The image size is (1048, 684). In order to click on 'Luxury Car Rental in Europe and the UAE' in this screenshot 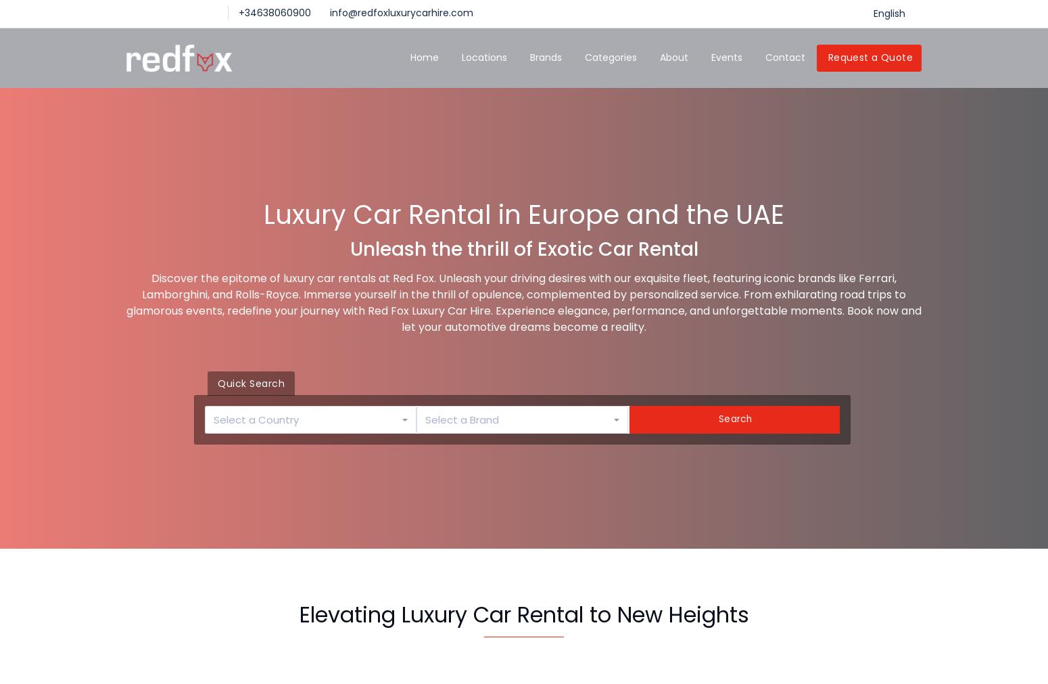, I will do `click(524, 214)`.